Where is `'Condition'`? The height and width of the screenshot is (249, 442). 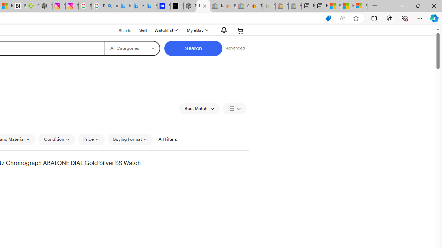
'Condition' is located at coordinates (57, 139).